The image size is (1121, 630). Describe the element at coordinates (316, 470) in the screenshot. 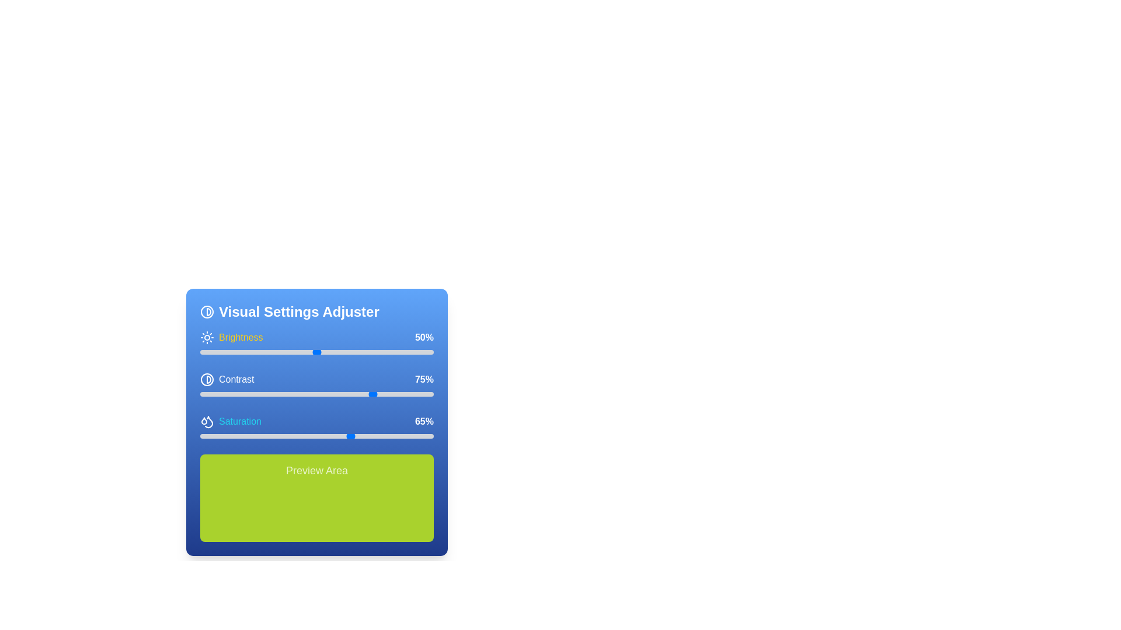

I see `the 'Preview Area' text label, which is centered and displayed on a bright green rectangular background in the bottom section of the 'Visual Settings Adjuster' panel` at that location.